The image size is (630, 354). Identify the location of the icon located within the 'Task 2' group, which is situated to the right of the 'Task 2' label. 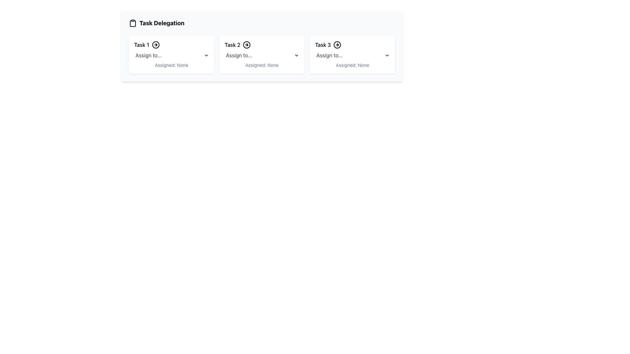
(246, 45).